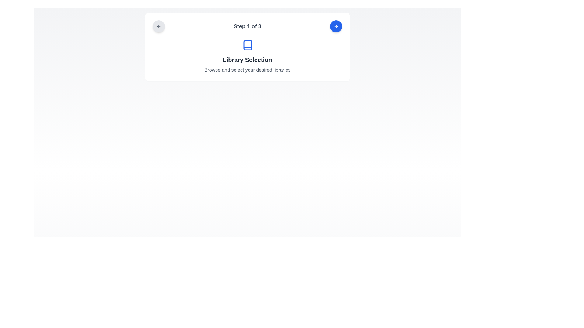  Describe the element at coordinates (247, 70) in the screenshot. I see `the supplementary description text that provides users with instructions regarding the selection of libraries, located below the 'Library Selection' title and above other interactive elements` at that location.